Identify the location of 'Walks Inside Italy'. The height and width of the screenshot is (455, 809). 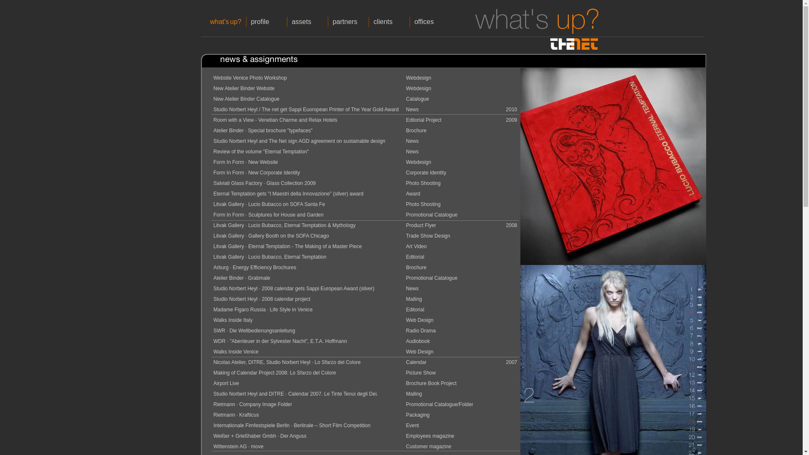
(233, 320).